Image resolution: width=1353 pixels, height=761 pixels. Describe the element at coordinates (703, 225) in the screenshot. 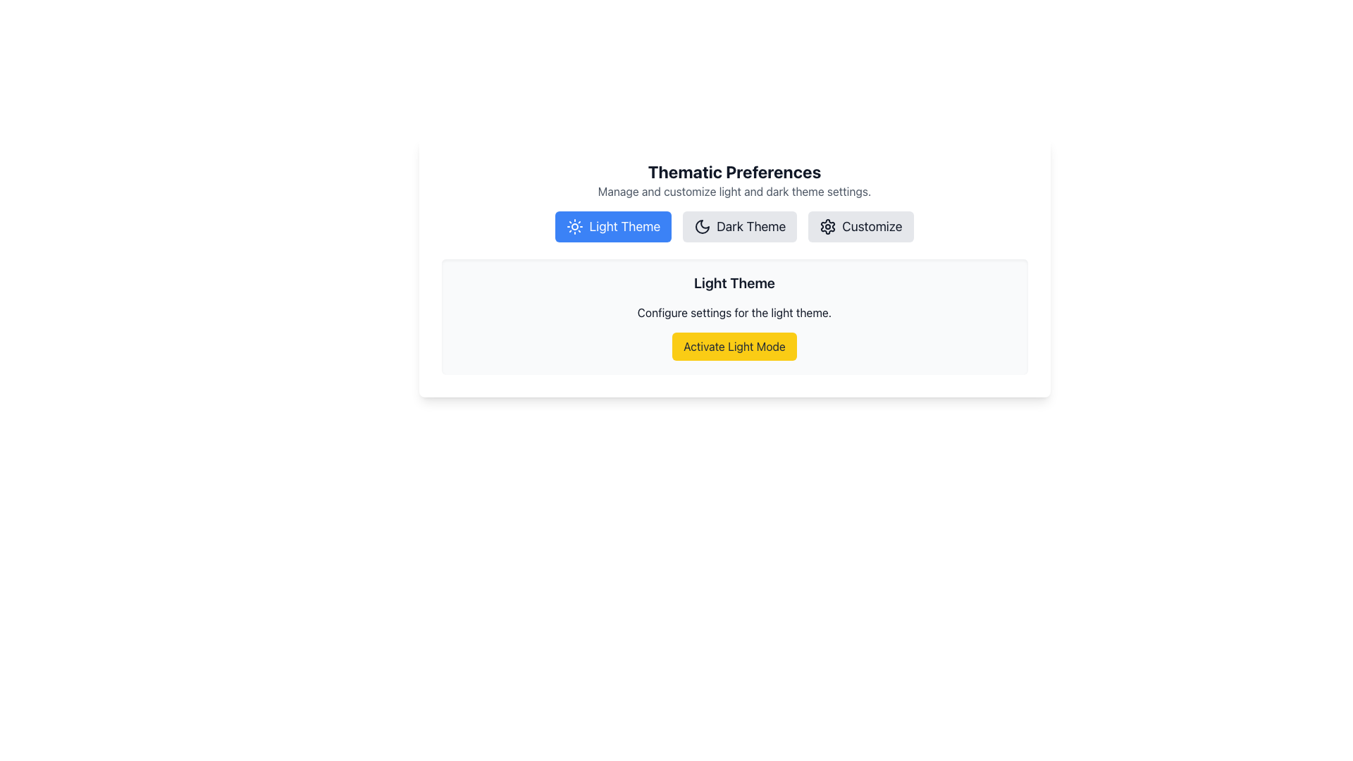

I see `the crescent moon icon inside the 'Dark Theme' button in the 'Thematic Preferences' section` at that location.